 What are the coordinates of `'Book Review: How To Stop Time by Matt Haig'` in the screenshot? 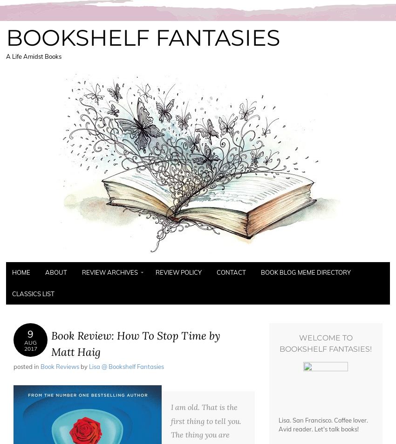 It's located at (135, 343).